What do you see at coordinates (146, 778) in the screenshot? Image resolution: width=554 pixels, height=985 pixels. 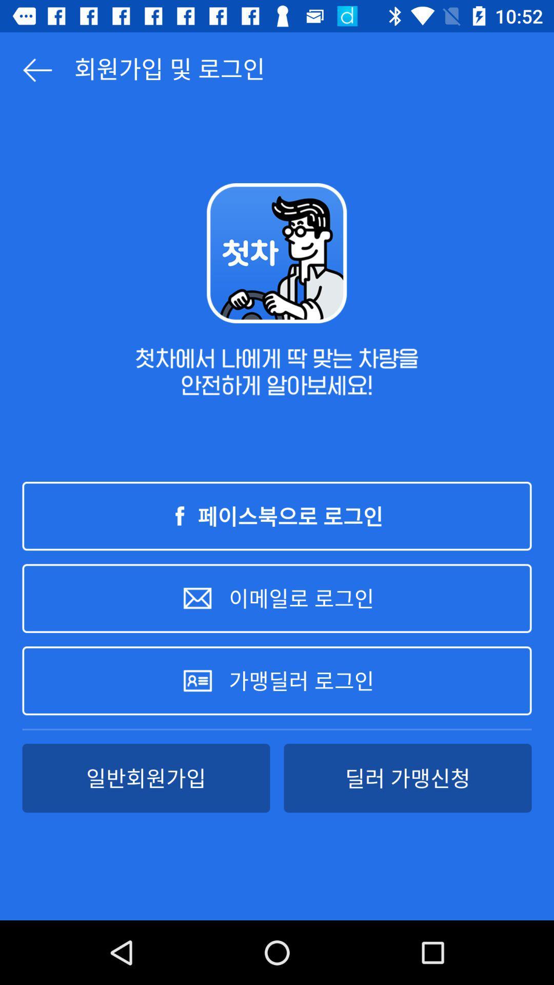 I see `item at the bottom left corner` at bounding box center [146, 778].